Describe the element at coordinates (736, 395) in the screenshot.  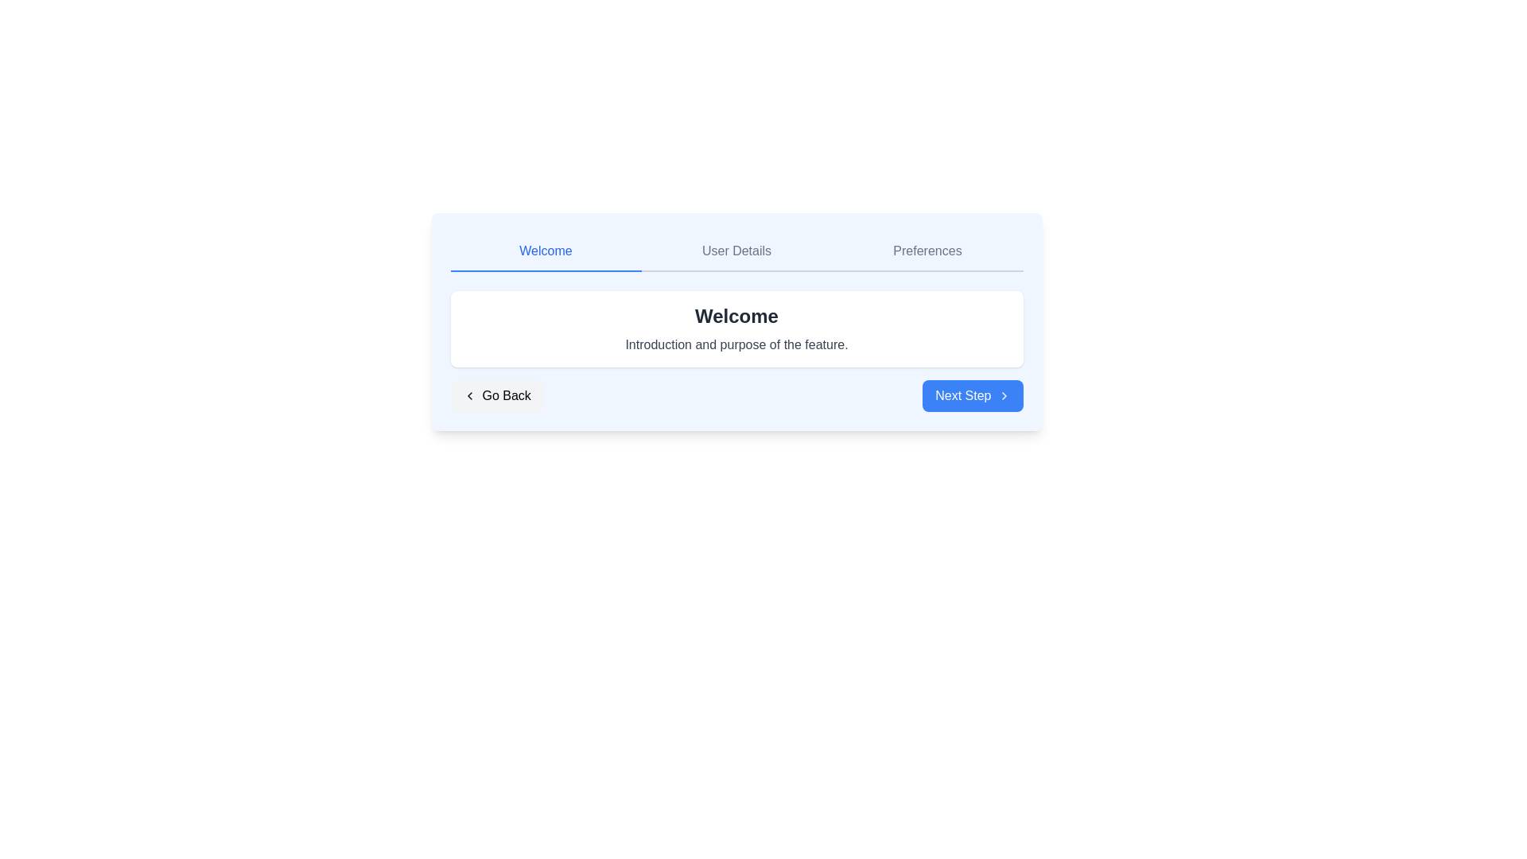
I see `the navigation bar buttons` at that location.